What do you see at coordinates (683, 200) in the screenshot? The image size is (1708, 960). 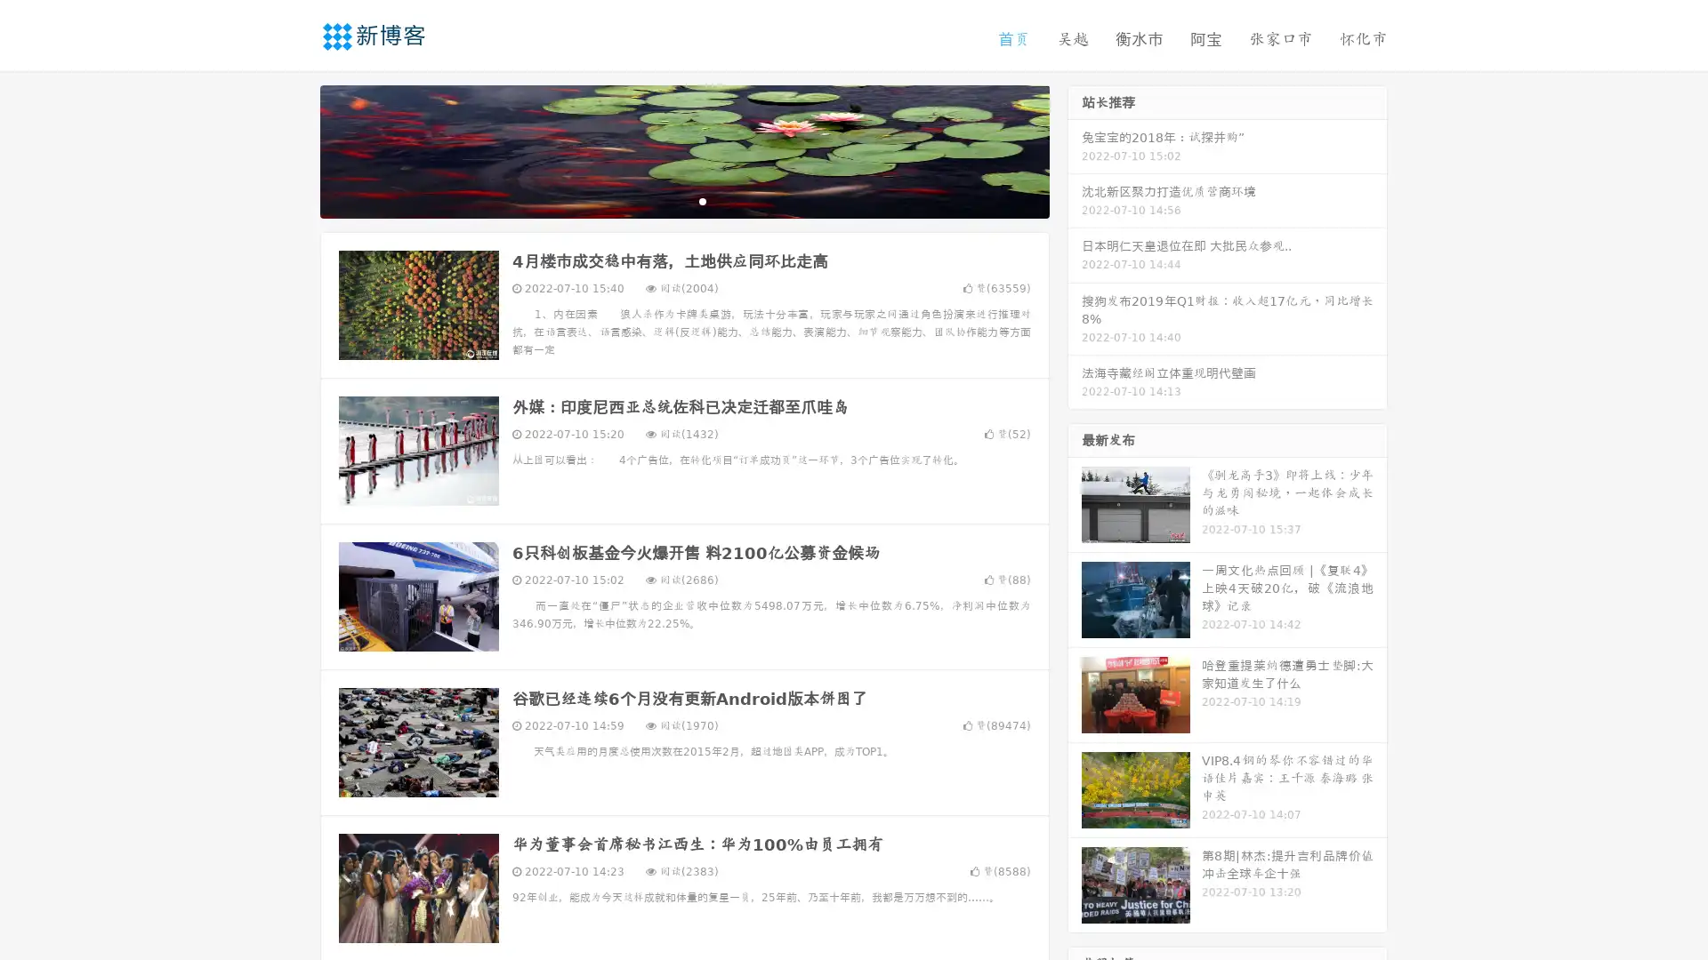 I see `Go to slide 2` at bounding box center [683, 200].